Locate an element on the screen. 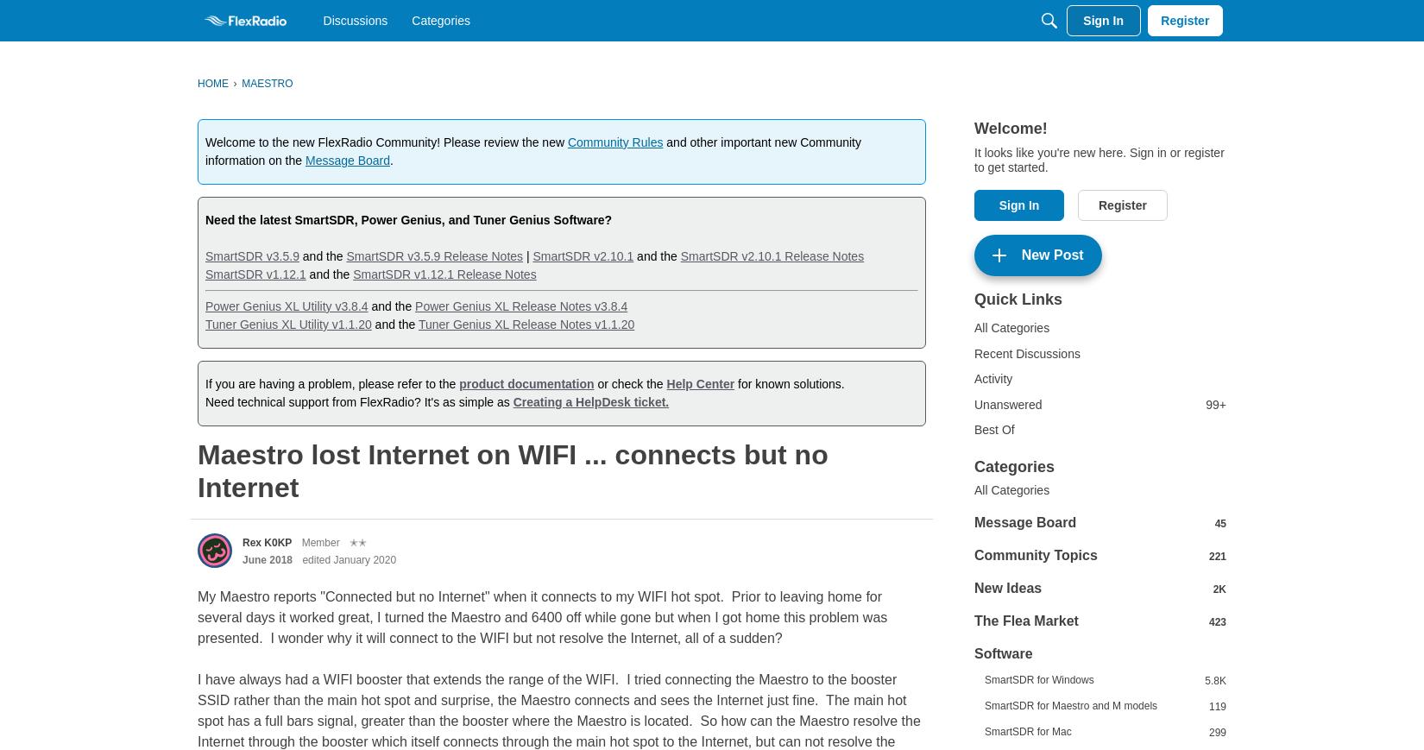 The width and height of the screenshot is (1424, 750). 'New Ideas' is located at coordinates (1008, 587).